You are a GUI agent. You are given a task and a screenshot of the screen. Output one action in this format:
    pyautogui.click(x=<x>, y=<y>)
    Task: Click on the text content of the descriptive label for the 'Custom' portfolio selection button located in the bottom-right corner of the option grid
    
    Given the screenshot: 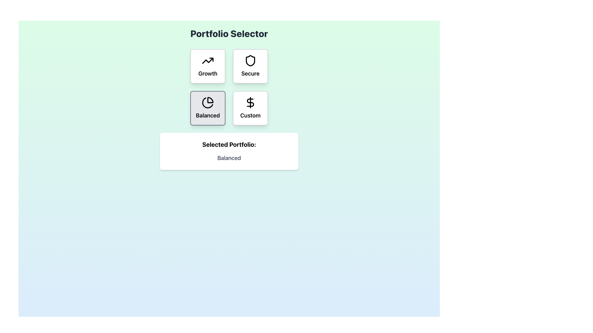 What is the action you would take?
    pyautogui.click(x=250, y=115)
    